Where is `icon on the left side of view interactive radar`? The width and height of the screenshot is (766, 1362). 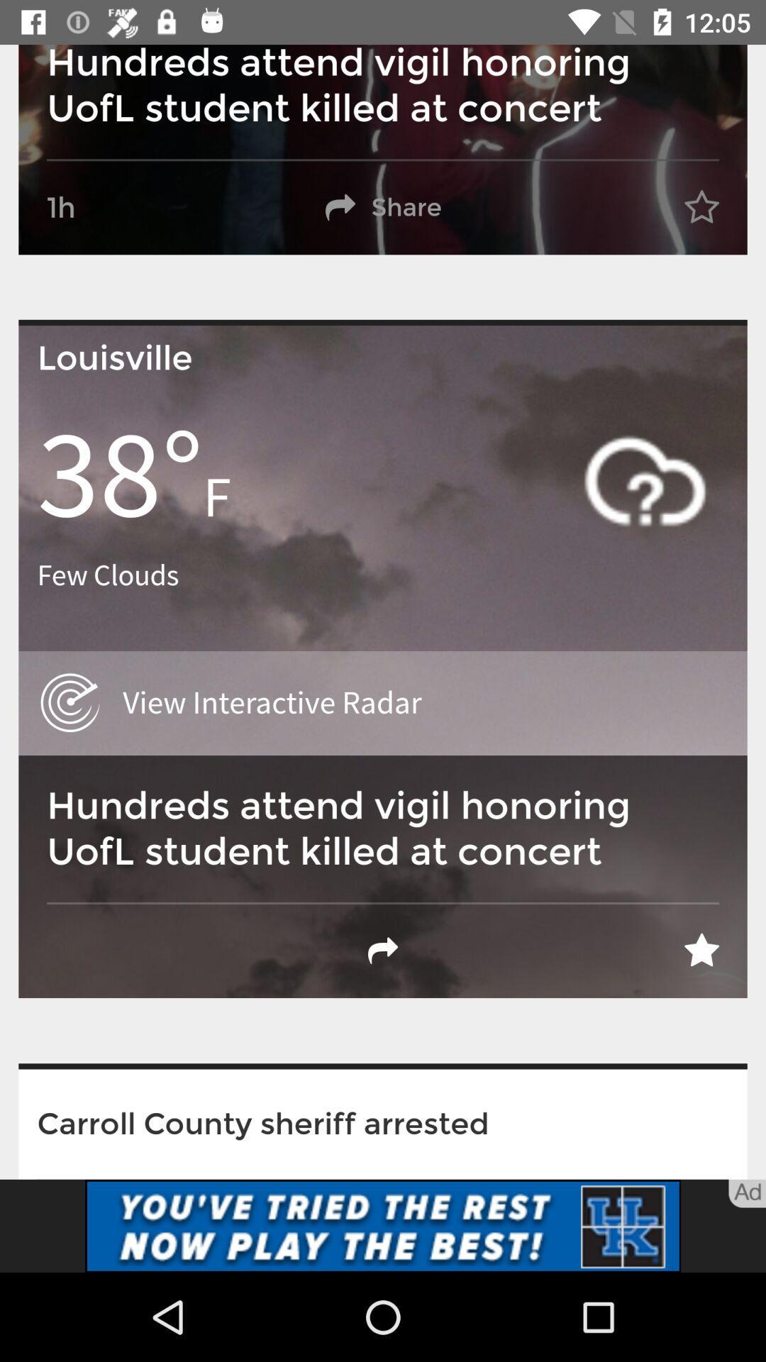 icon on the left side of view interactive radar is located at coordinates (71, 703).